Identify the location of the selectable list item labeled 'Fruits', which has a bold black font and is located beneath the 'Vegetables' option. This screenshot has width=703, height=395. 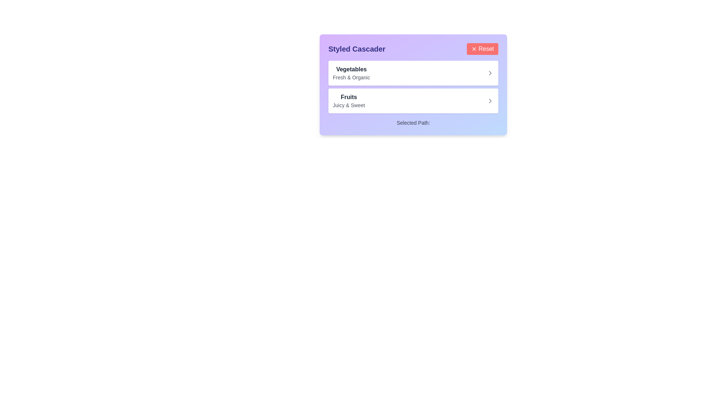
(413, 101).